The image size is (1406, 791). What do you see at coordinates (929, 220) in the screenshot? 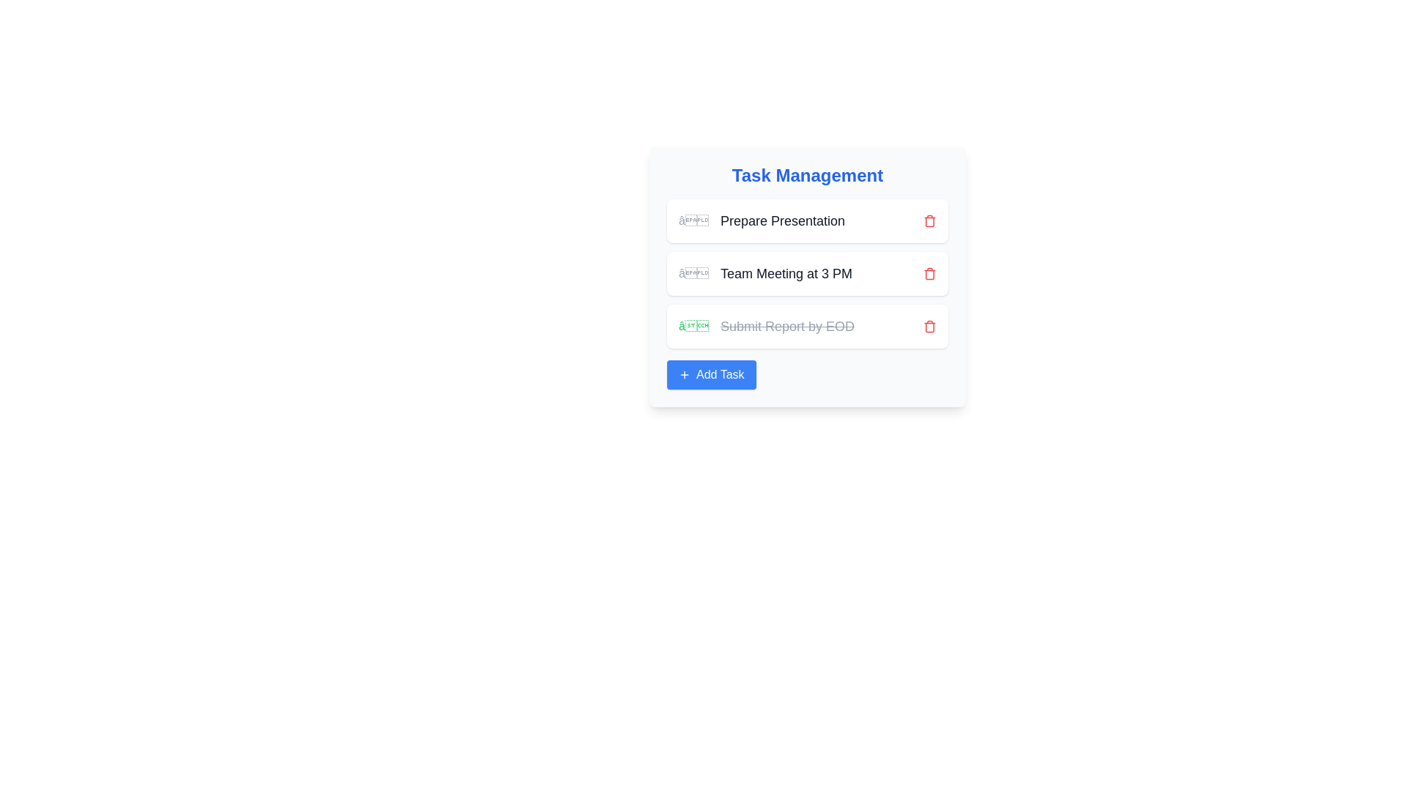
I see `the button for keyboard interaction that initiates the removal of the task 'Prepare Presentation', located on the right-hand side of the task row` at bounding box center [929, 220].